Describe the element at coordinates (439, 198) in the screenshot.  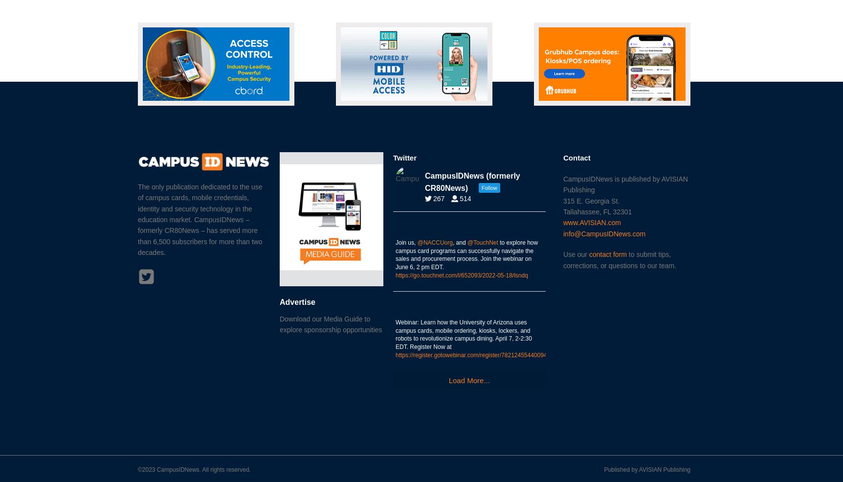
I see `'267'` at that location.